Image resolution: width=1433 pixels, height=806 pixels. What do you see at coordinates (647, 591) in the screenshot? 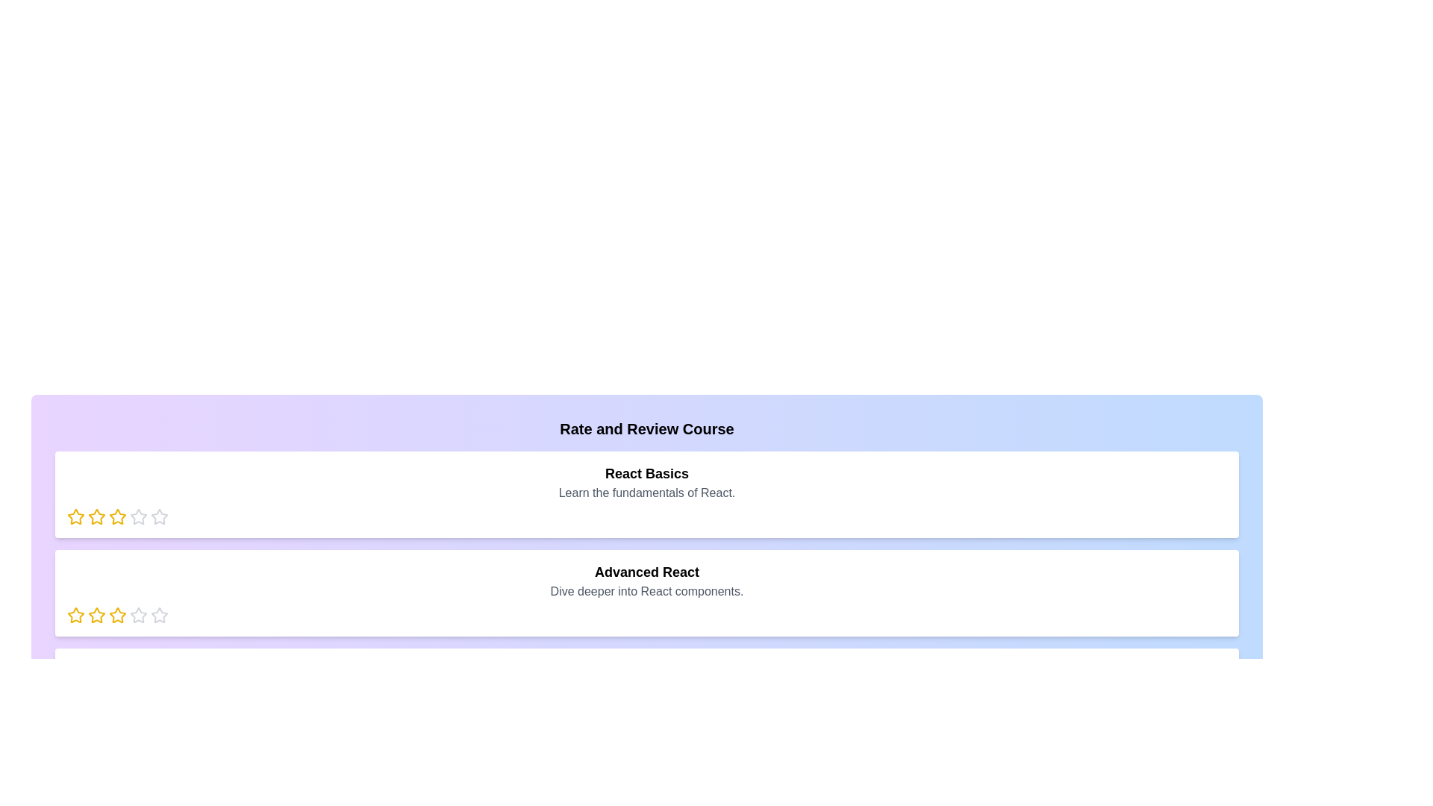
I see `the text label containing the phrase 'Dive deeper into React components.' which is styled in gray and positioned below the title 'Advanced React'` at bounding box center [647, 591].